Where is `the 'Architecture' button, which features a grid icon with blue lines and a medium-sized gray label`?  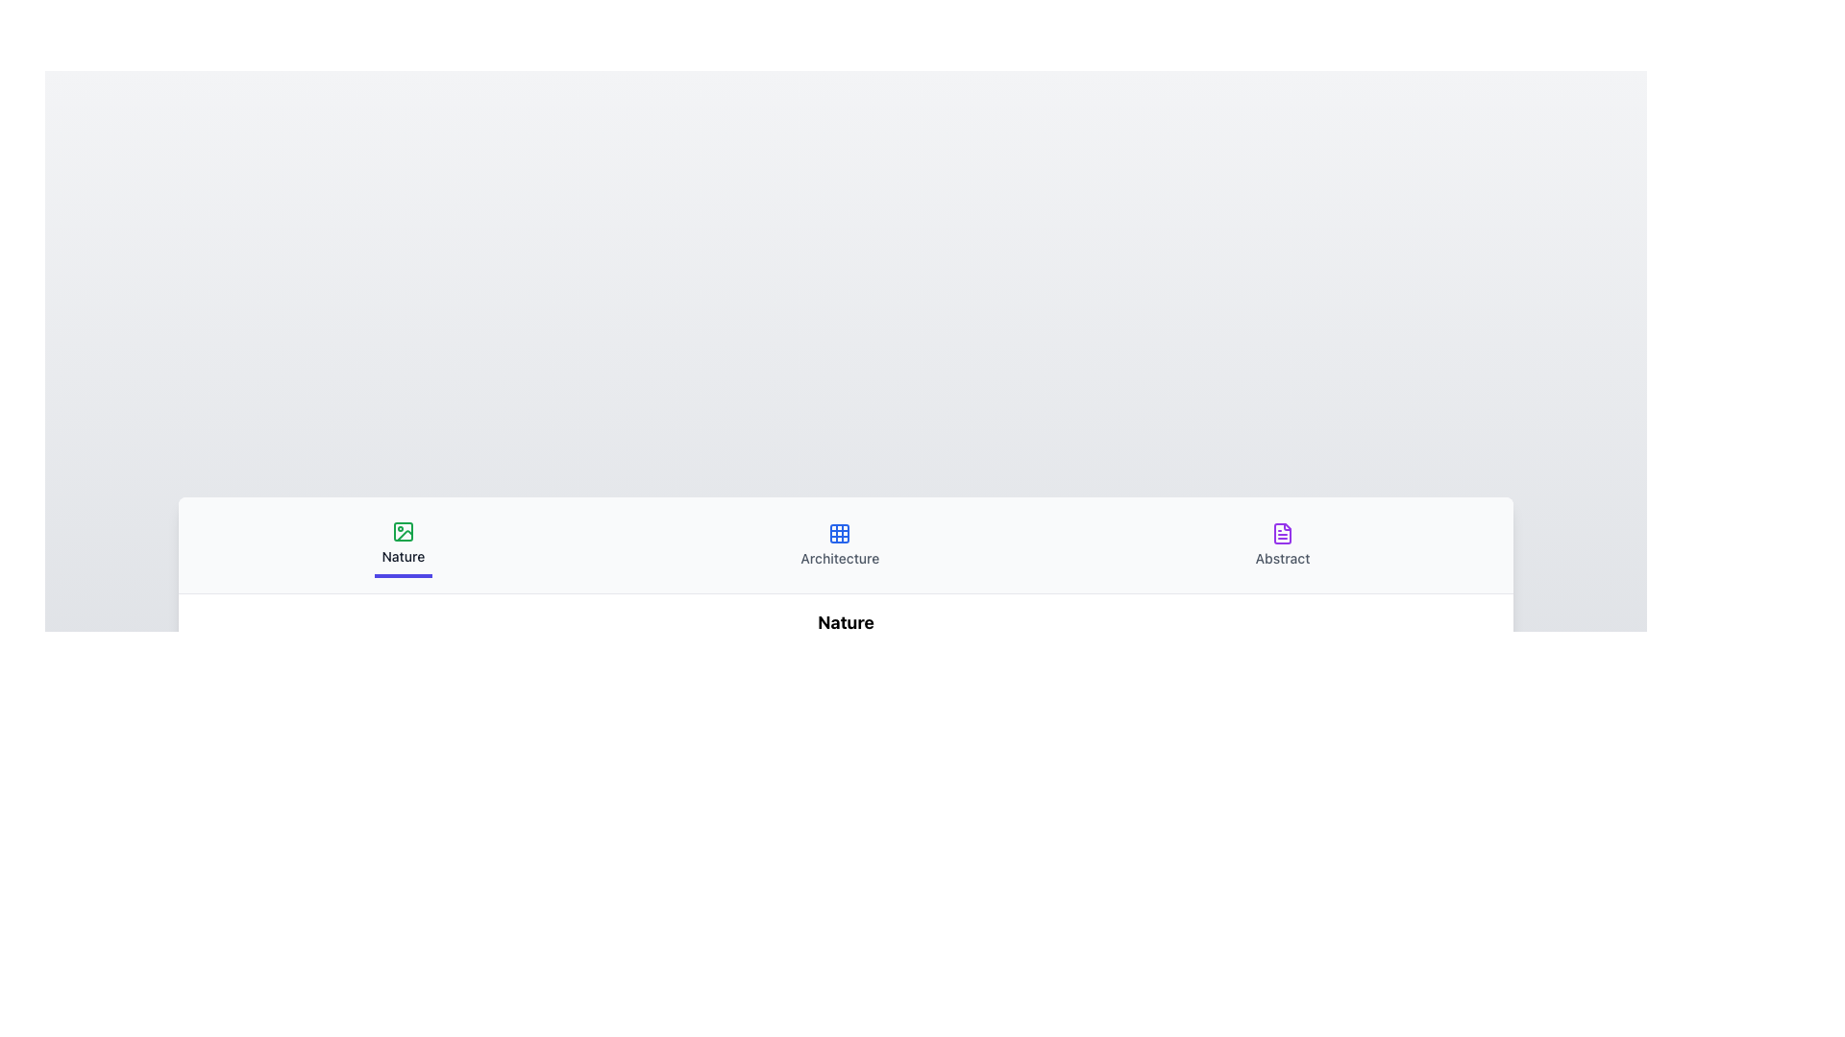
the 'Architecture' button, which features a grid icon with blue lines and a medium-sized gray label is located at coordinates (840, 544).